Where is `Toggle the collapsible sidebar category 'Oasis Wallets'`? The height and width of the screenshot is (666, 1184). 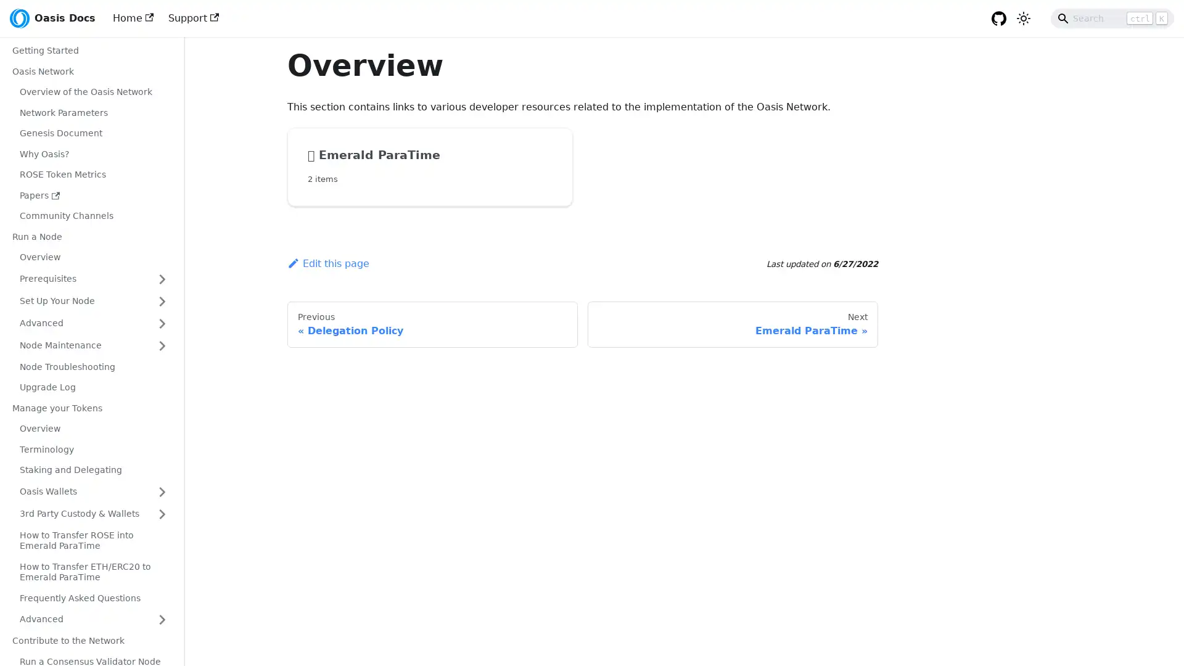
Toggle the collapsible sidebar category 'Oasis Wallets' is located at coordinates (162, 491).